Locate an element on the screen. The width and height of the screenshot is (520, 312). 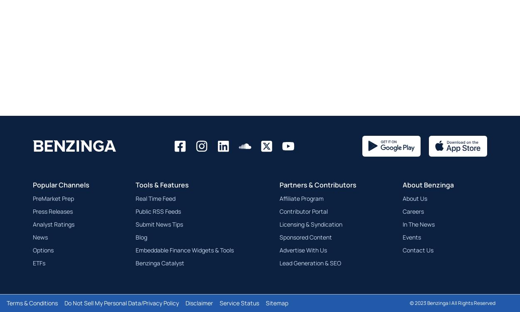
'Disclaimer' is located at coordinates (199, 302).